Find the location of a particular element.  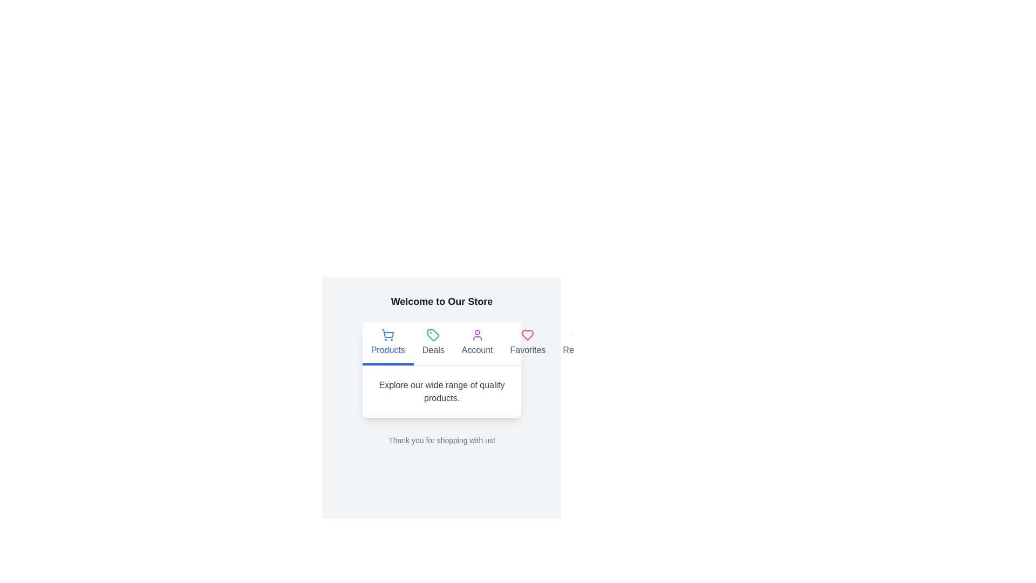

the 'Products' section text with associated icon, which is the first item in the navigation menu located near the top-left of the white content card section is located at coordinates (388, 343).